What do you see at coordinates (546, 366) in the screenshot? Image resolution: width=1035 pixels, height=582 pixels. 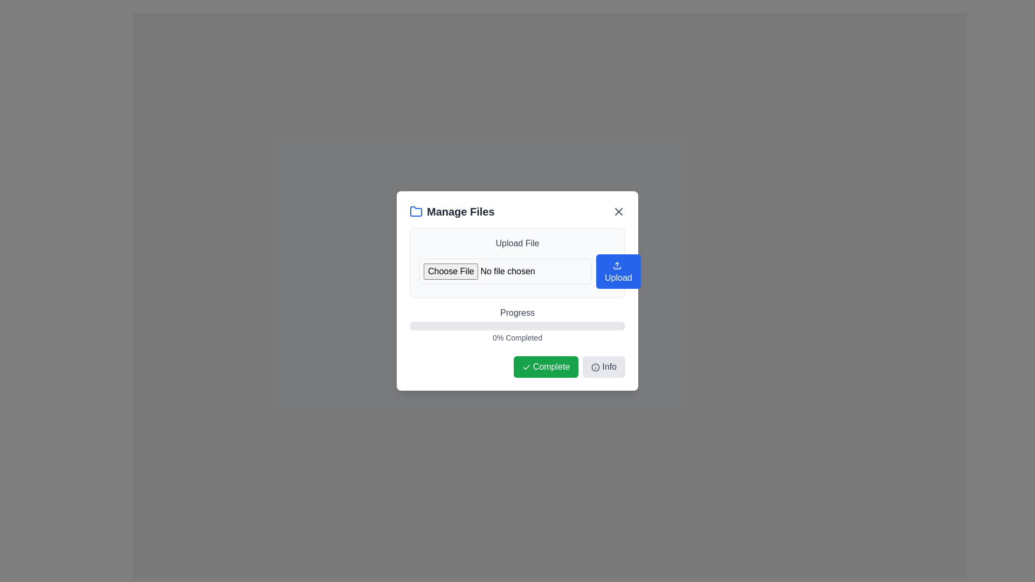 I see `the 'Complete' button with a checkmark icon on a green background to confirm completion` at bounding box center [546, 366].